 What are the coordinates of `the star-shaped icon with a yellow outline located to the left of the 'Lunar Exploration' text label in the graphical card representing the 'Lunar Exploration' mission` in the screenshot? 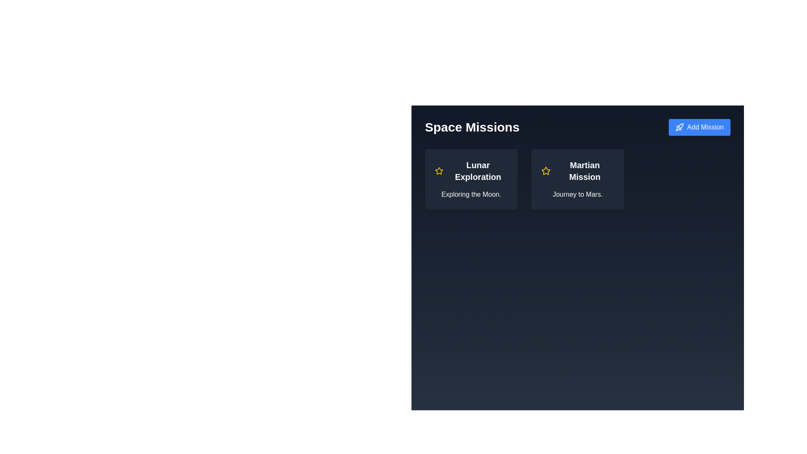 It's located at (546, 170).